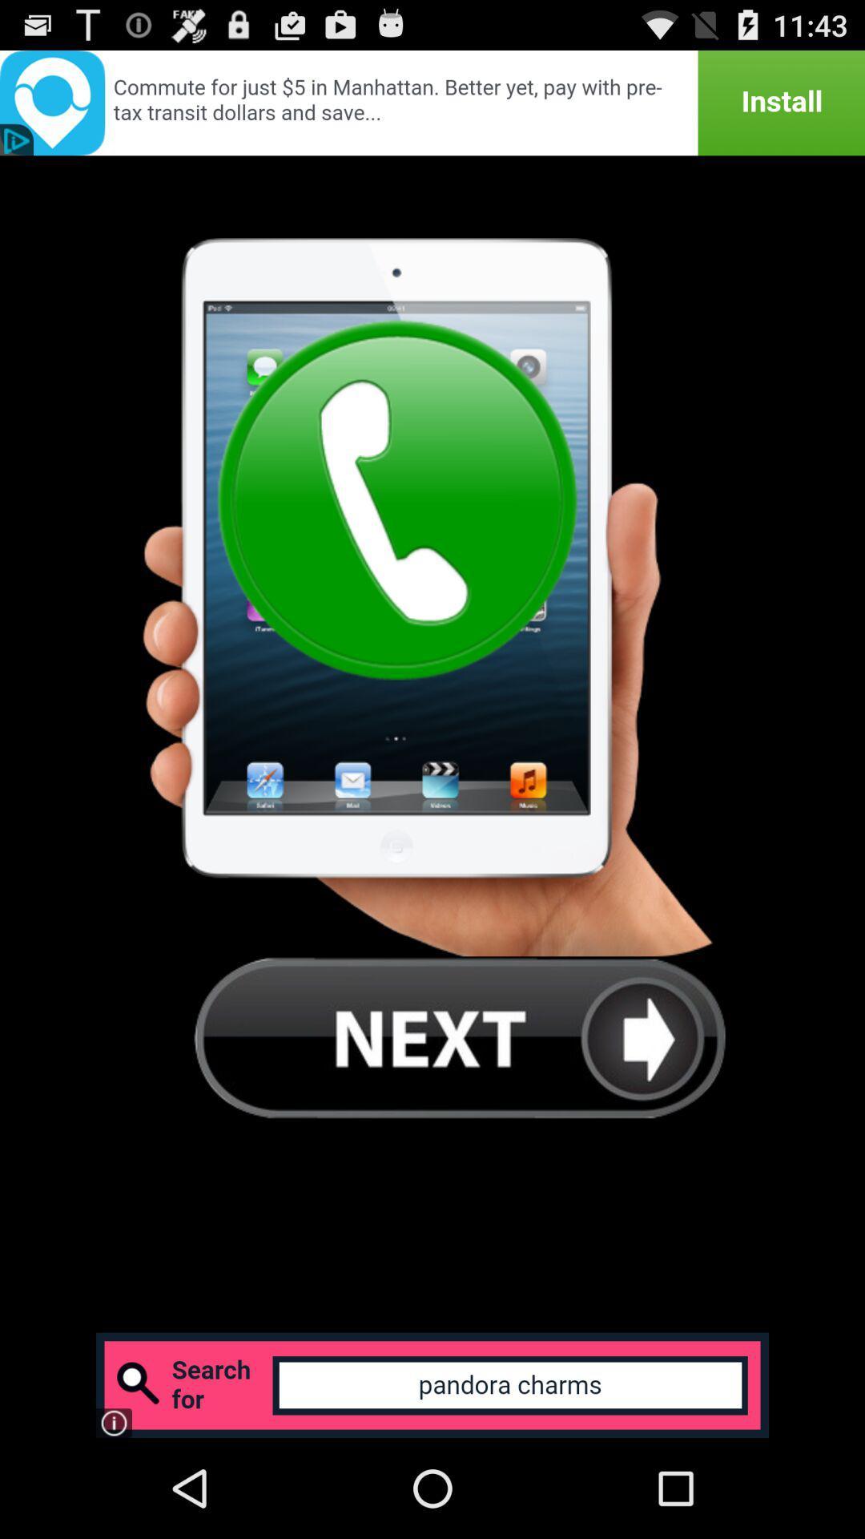 The image size is (865, 1539). What do you see at coordinates (432, 102) in the screenshot?
I see `see details of other app` at bounding box center [432, 102].